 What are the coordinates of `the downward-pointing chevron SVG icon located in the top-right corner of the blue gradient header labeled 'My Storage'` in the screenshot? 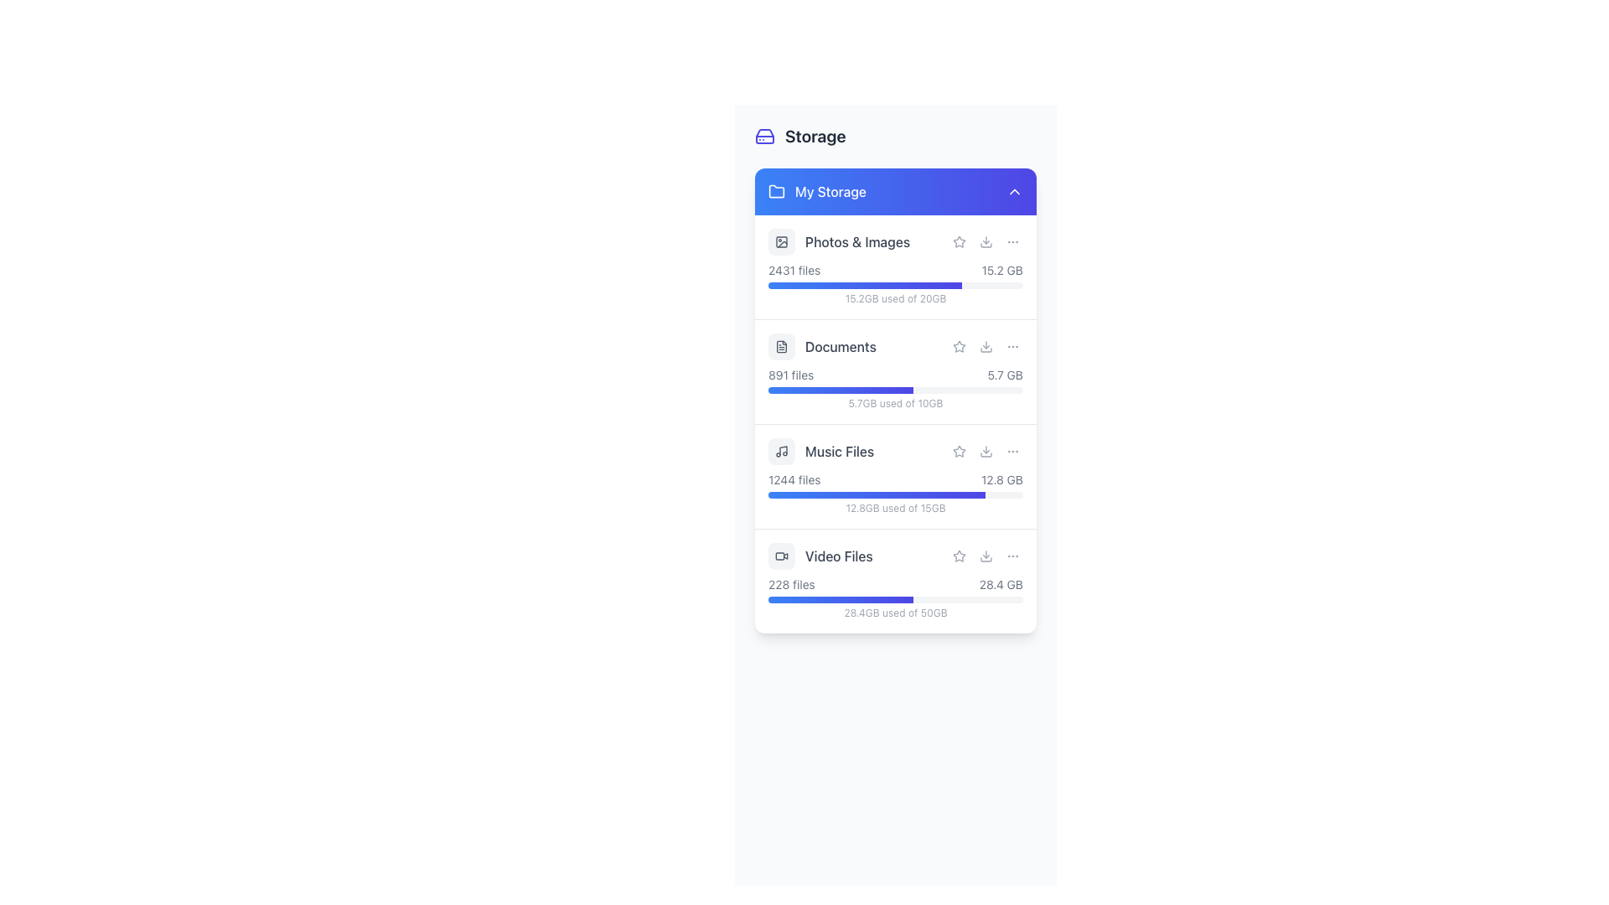 It's located at (1013, 190).